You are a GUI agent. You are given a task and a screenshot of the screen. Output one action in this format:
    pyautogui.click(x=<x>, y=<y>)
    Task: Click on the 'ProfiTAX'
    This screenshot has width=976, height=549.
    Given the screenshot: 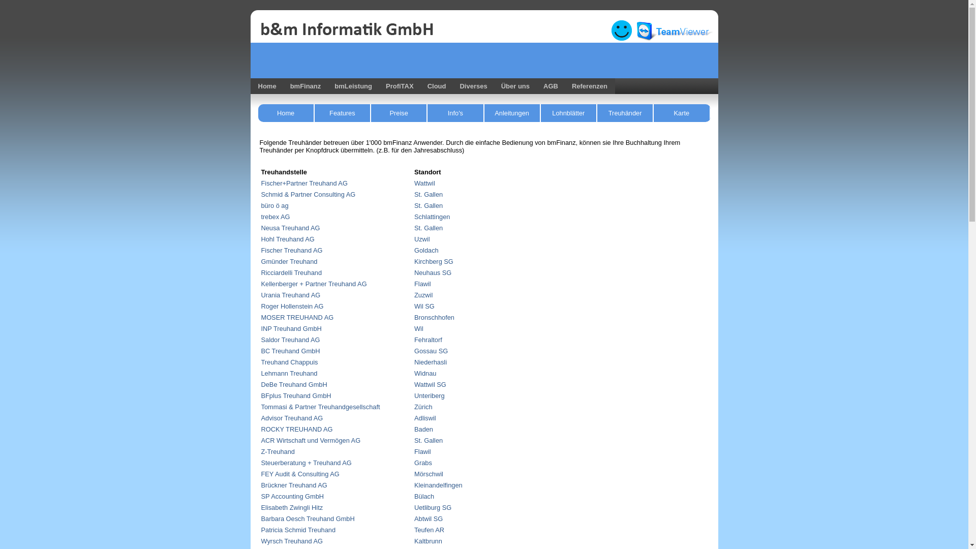 What is the action you would take?
    pyautogui.click(x=398, y=85)
    